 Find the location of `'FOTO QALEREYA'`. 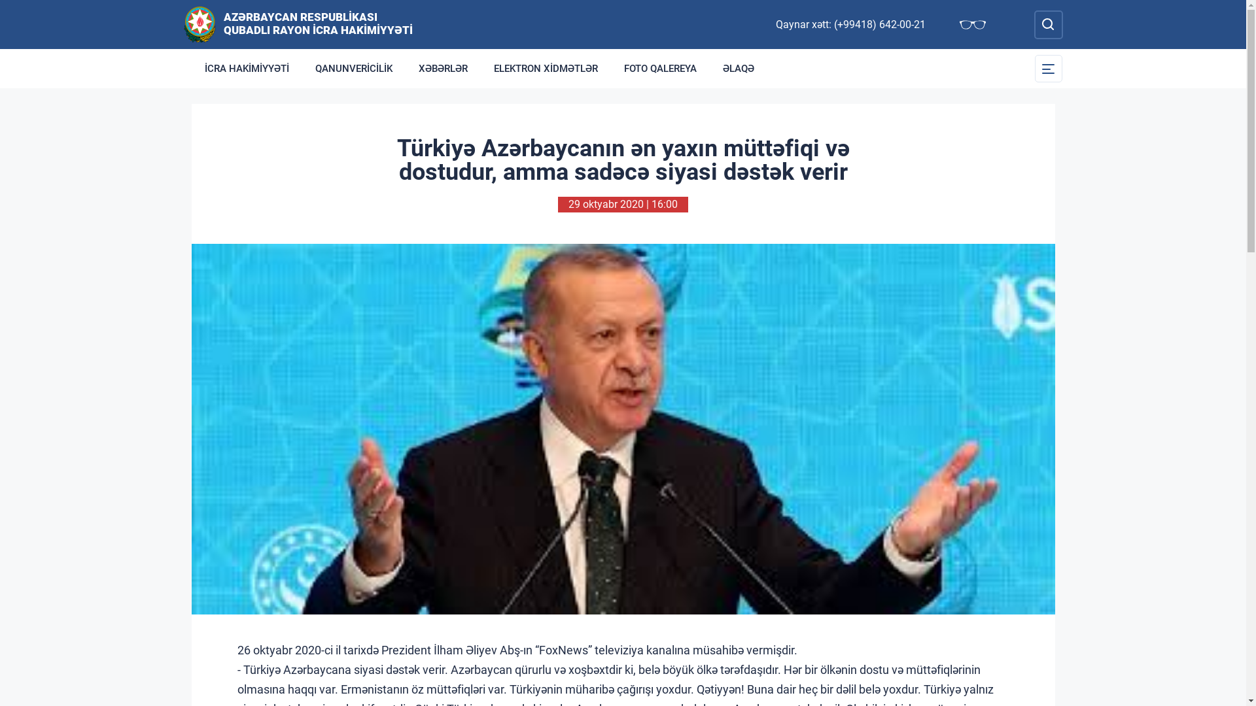

'FOTO QALEREYA' is located at coordinates (660, 68).